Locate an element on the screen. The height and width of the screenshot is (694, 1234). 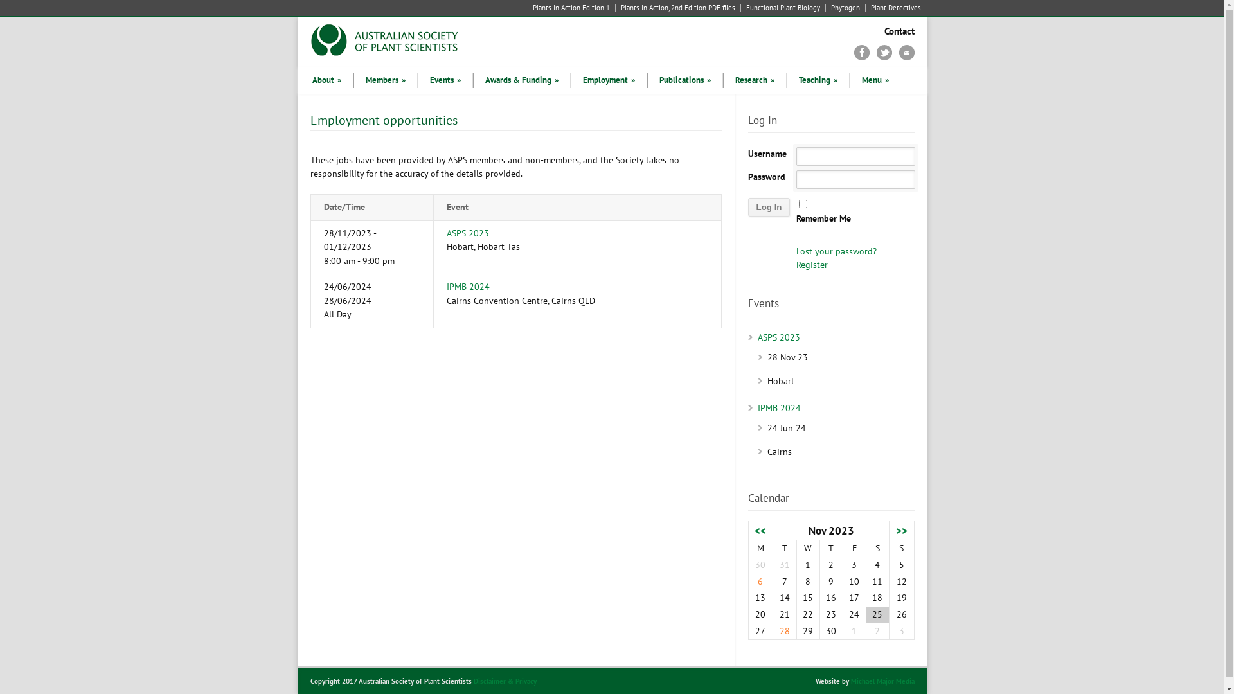
'Michael Major Media' is located at coordinates (882, 681).